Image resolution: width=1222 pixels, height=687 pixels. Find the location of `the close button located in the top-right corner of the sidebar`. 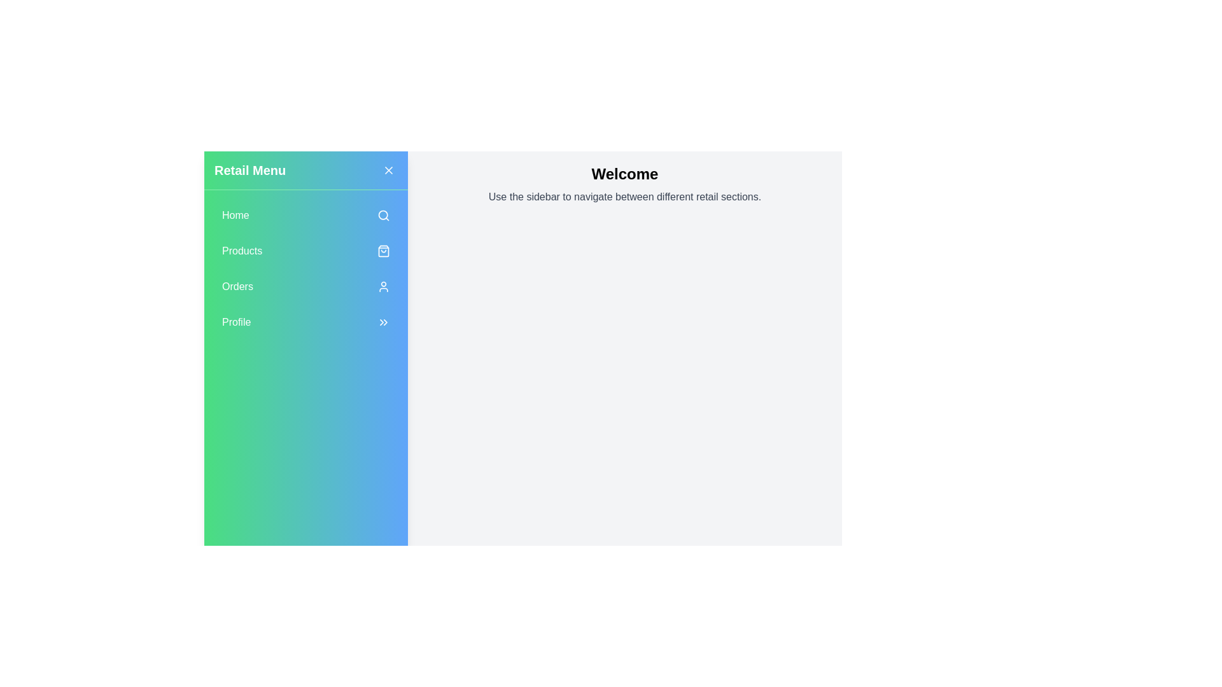

the close button located in the top-right corner of the sidebar is located at coordinates (388, 169).